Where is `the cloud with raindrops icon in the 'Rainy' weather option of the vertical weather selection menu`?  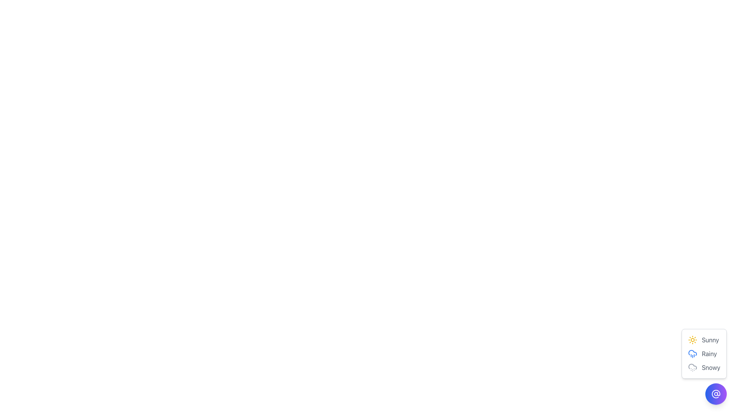 the cloud with raindrops icon in the 'Rainy' weather option of the vertical weather selection menu is located at coordinates (692, 353).